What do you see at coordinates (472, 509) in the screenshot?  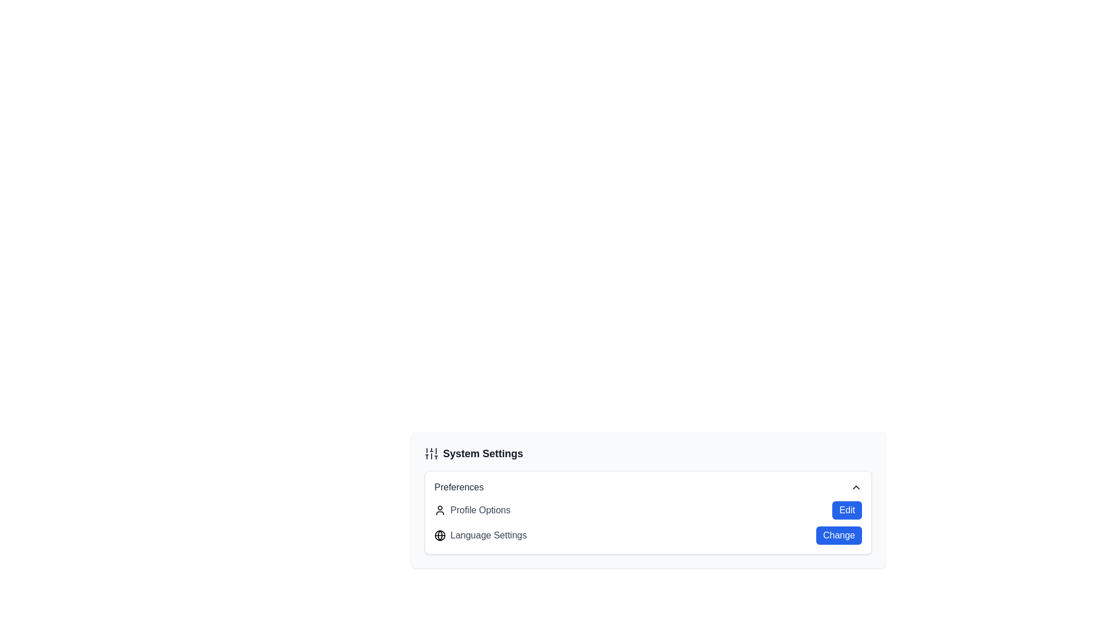 I see `the text or icon of the Label with associated icon located in the profile management options section under 'Preferences'` at bounding box center [472, 509].